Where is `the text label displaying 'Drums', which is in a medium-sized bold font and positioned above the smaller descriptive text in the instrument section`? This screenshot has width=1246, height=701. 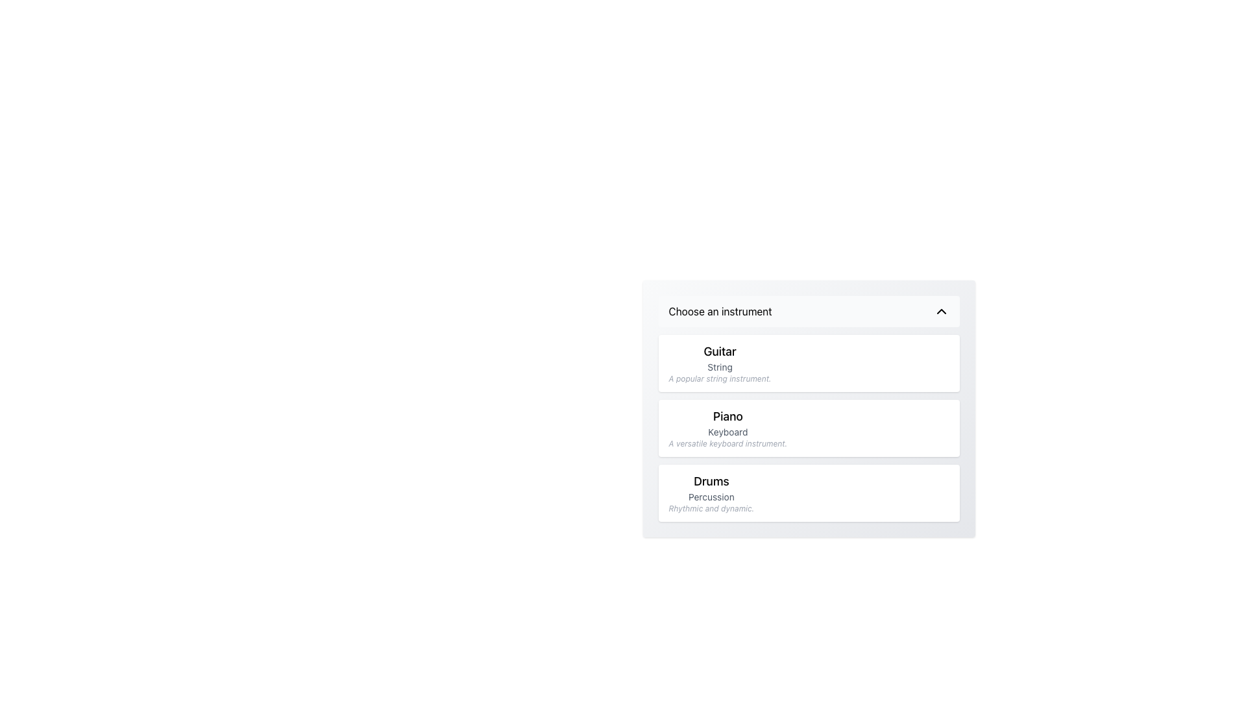 the text label displaying 'Drums', which is in a medium-sized bold font and positioned above the smaller descriptive text in the instrument section is located at coordinates (711, 481).